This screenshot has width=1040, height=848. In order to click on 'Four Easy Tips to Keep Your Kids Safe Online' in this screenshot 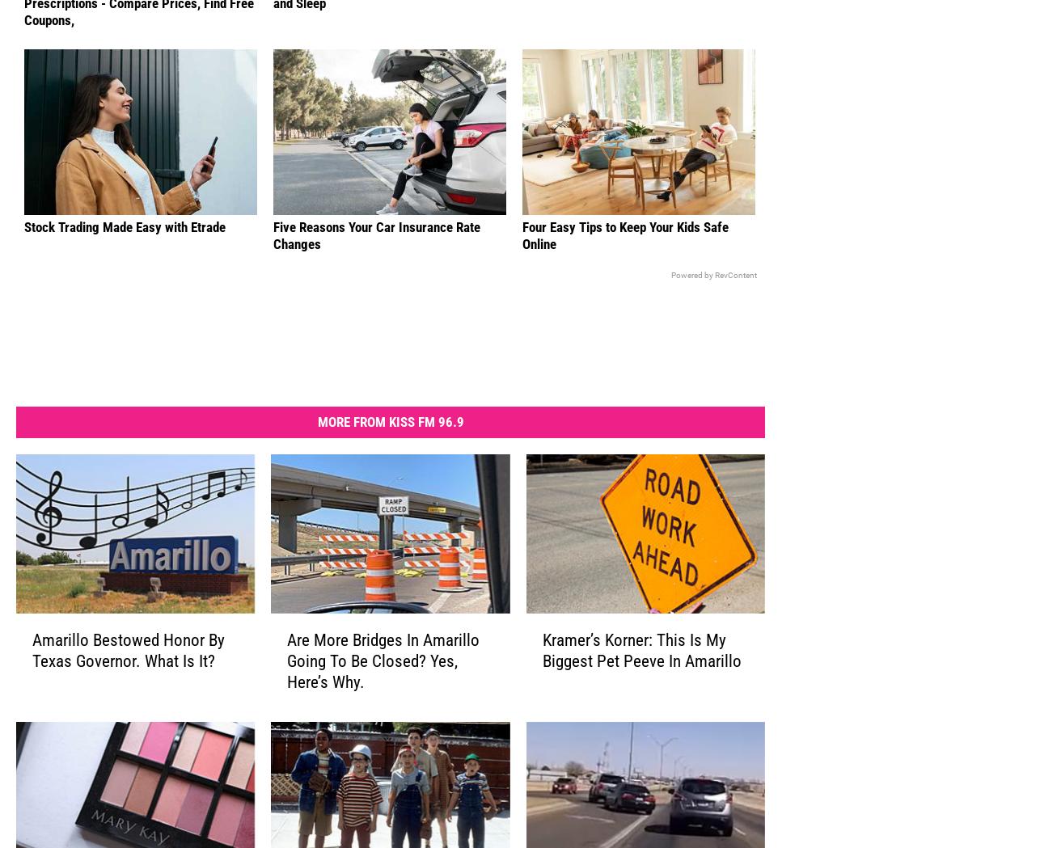, I will do `click(522, 260)`.